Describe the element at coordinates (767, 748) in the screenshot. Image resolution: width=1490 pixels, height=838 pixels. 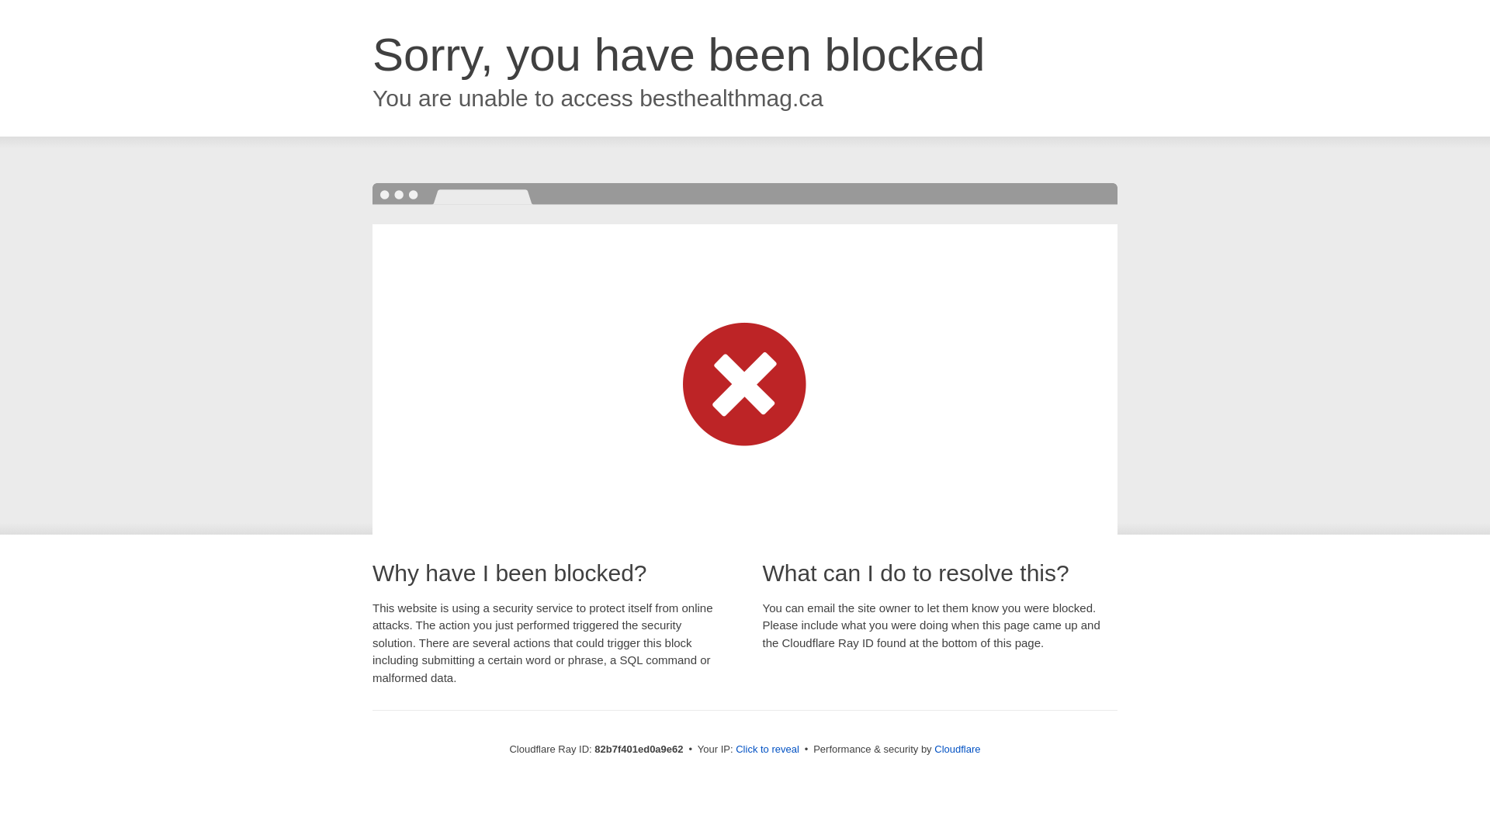
I see `'Click to reveal'` at that location.